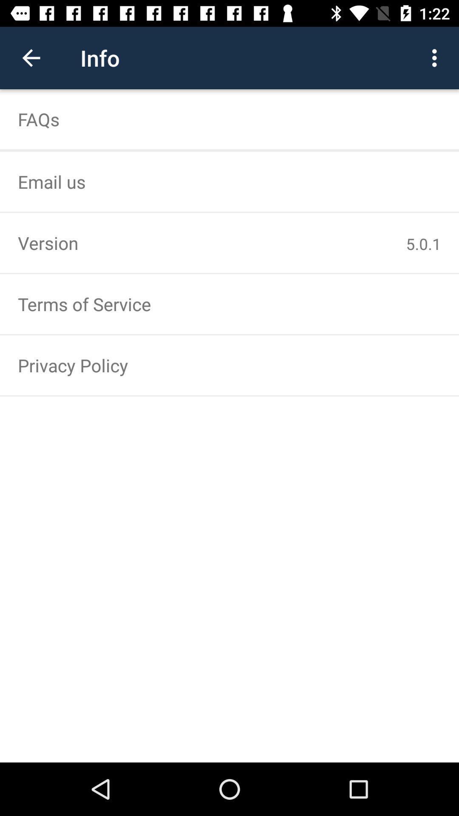 The width and height of the screenshot is (459, 816). I want to click on the item above the faqs, so click(436, 57).